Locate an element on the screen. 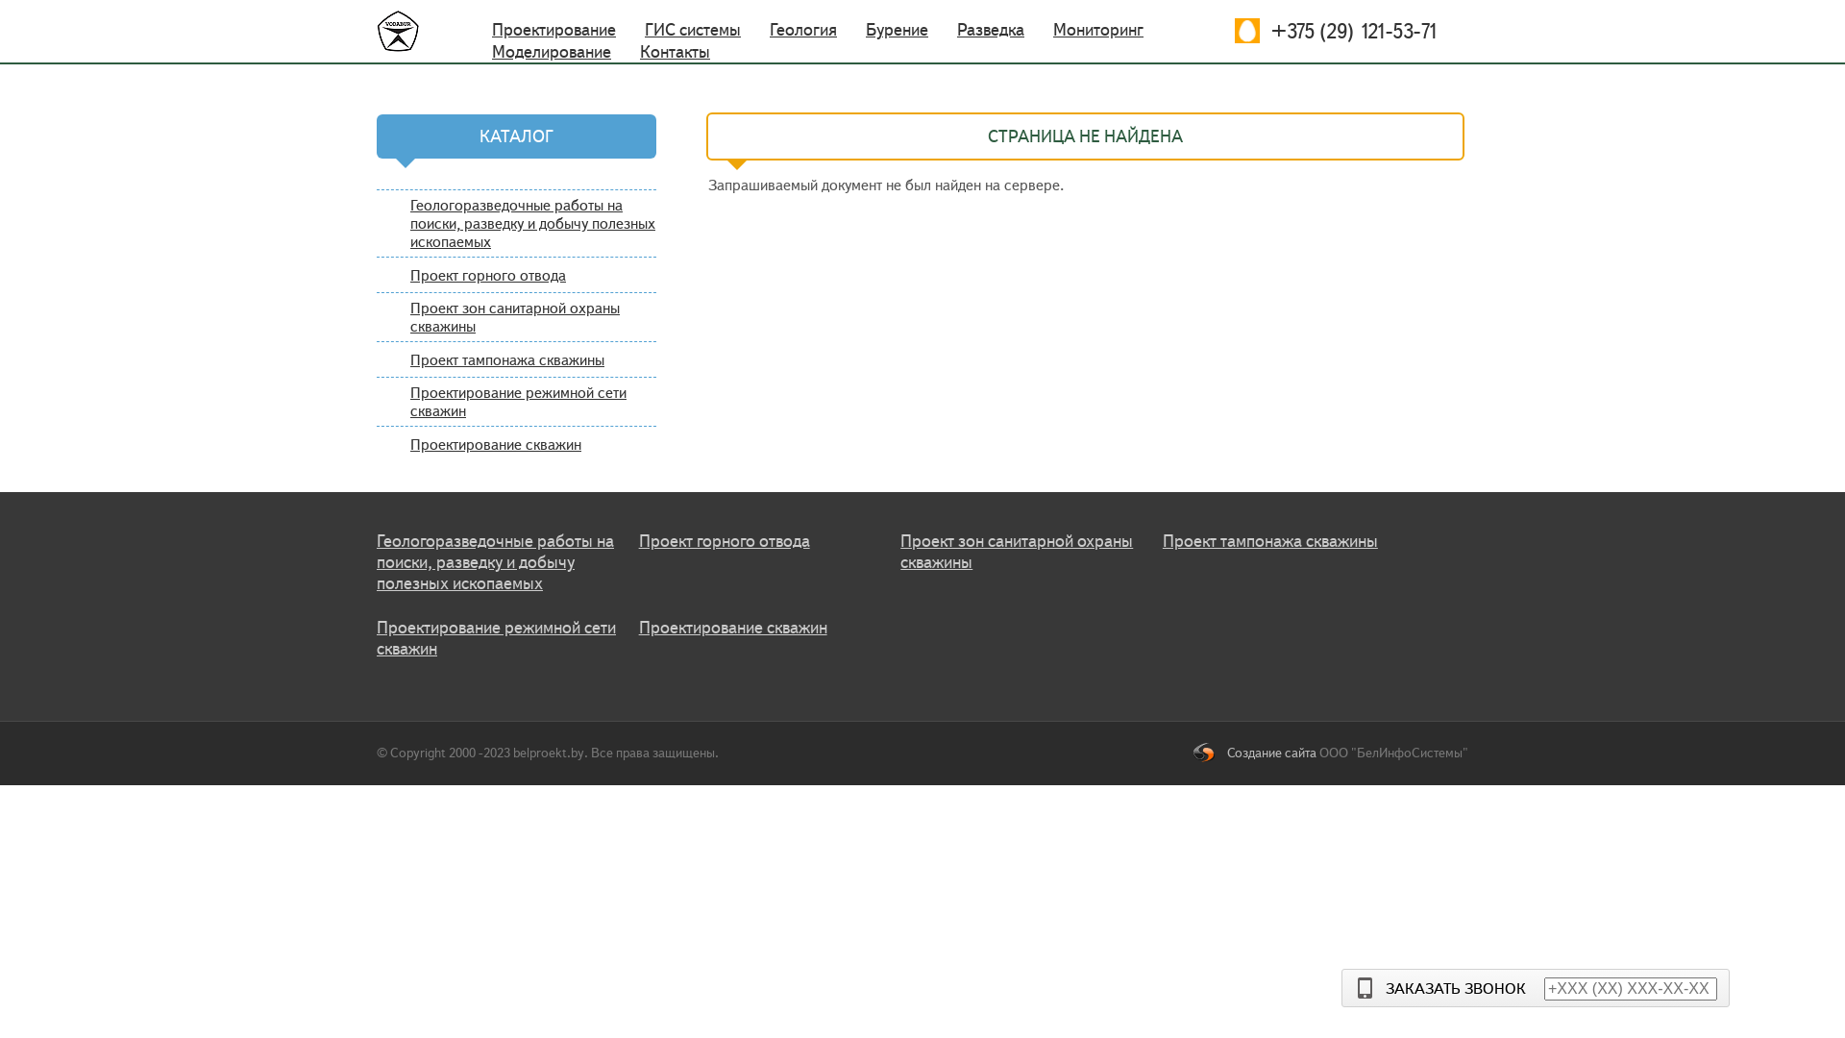  'http://belproekt.by/' is located at coordinates (419, 30).